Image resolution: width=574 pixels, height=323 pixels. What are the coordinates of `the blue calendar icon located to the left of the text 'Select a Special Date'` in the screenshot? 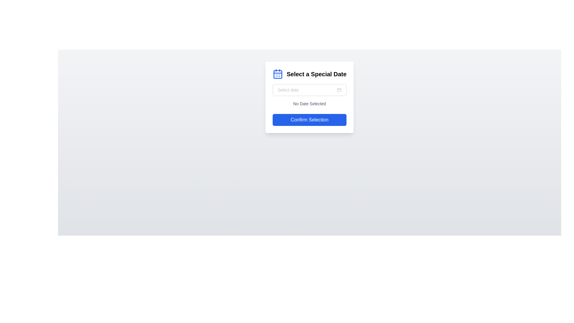 It's located at (277, 74).